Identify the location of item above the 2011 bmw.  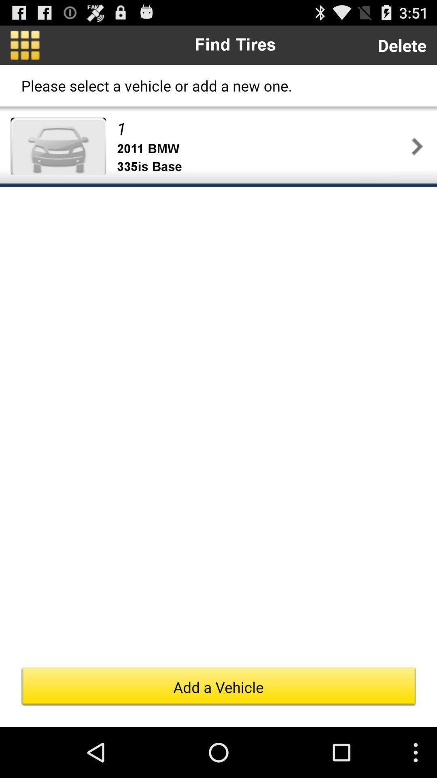
(262, 128).